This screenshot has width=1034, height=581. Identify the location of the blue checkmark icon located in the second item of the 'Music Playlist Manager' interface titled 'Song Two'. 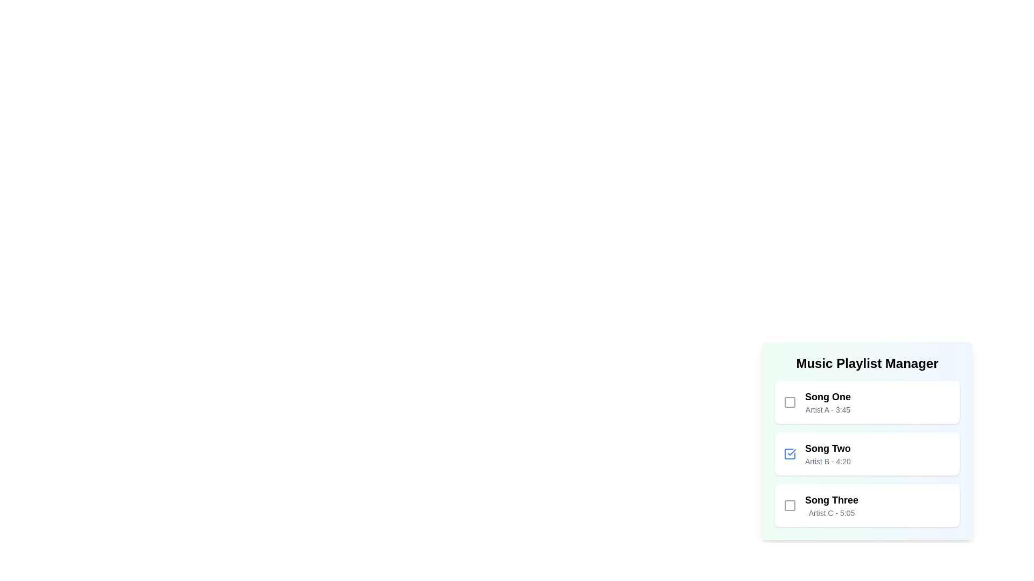
(792, 452).